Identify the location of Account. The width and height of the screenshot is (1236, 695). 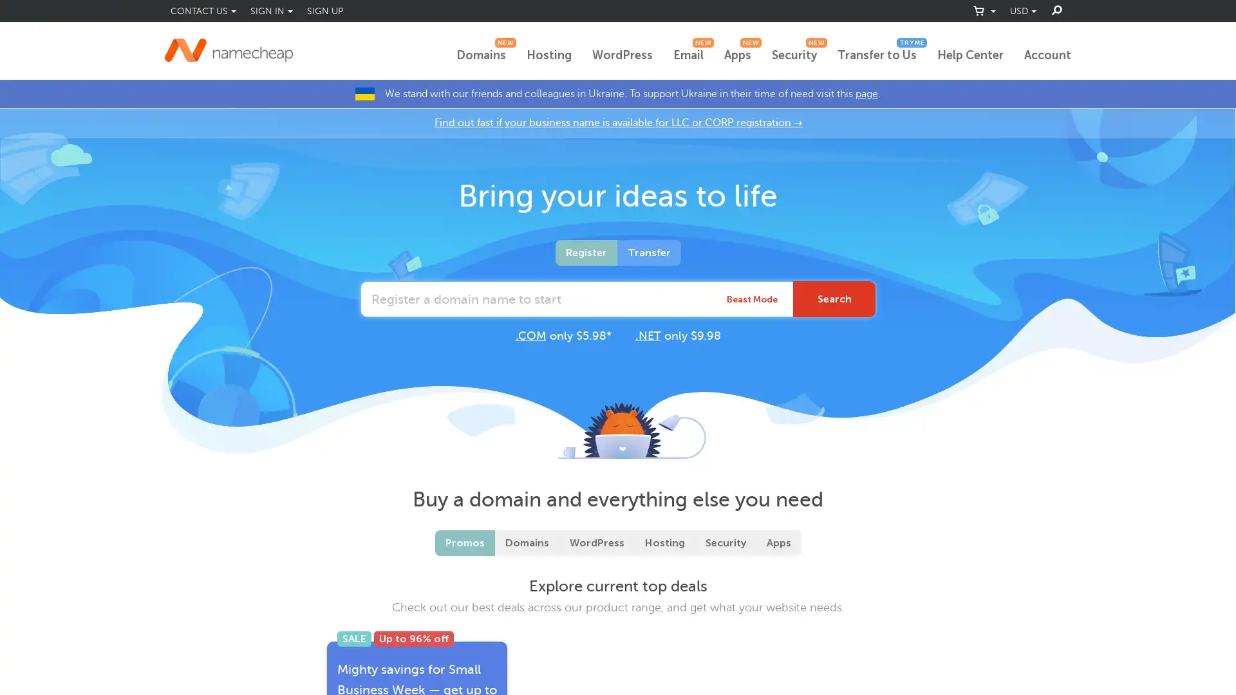
(1047, 55).